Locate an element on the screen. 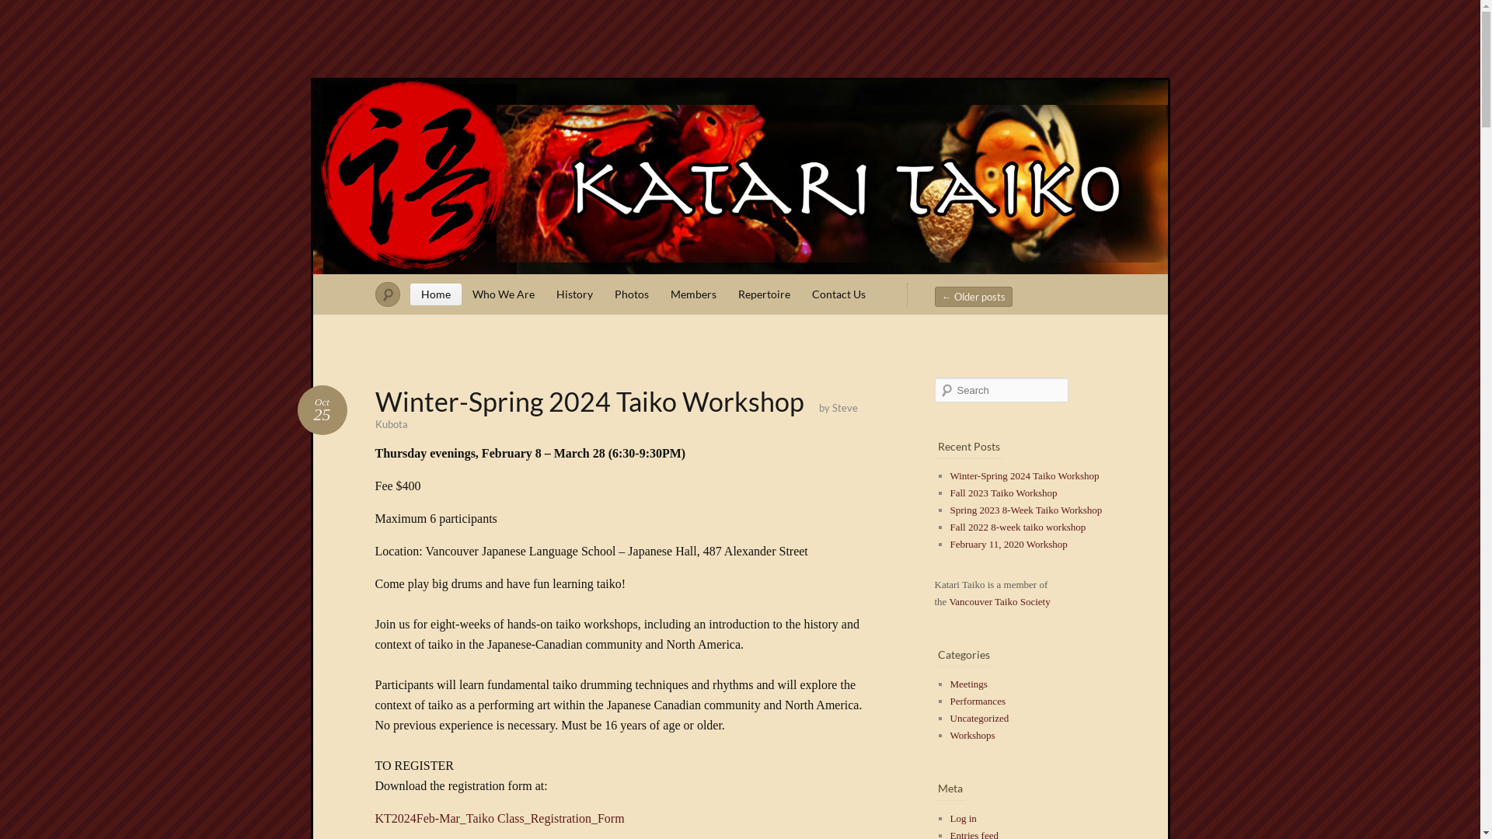  'Workshops' is located at coordinates (949, 734).